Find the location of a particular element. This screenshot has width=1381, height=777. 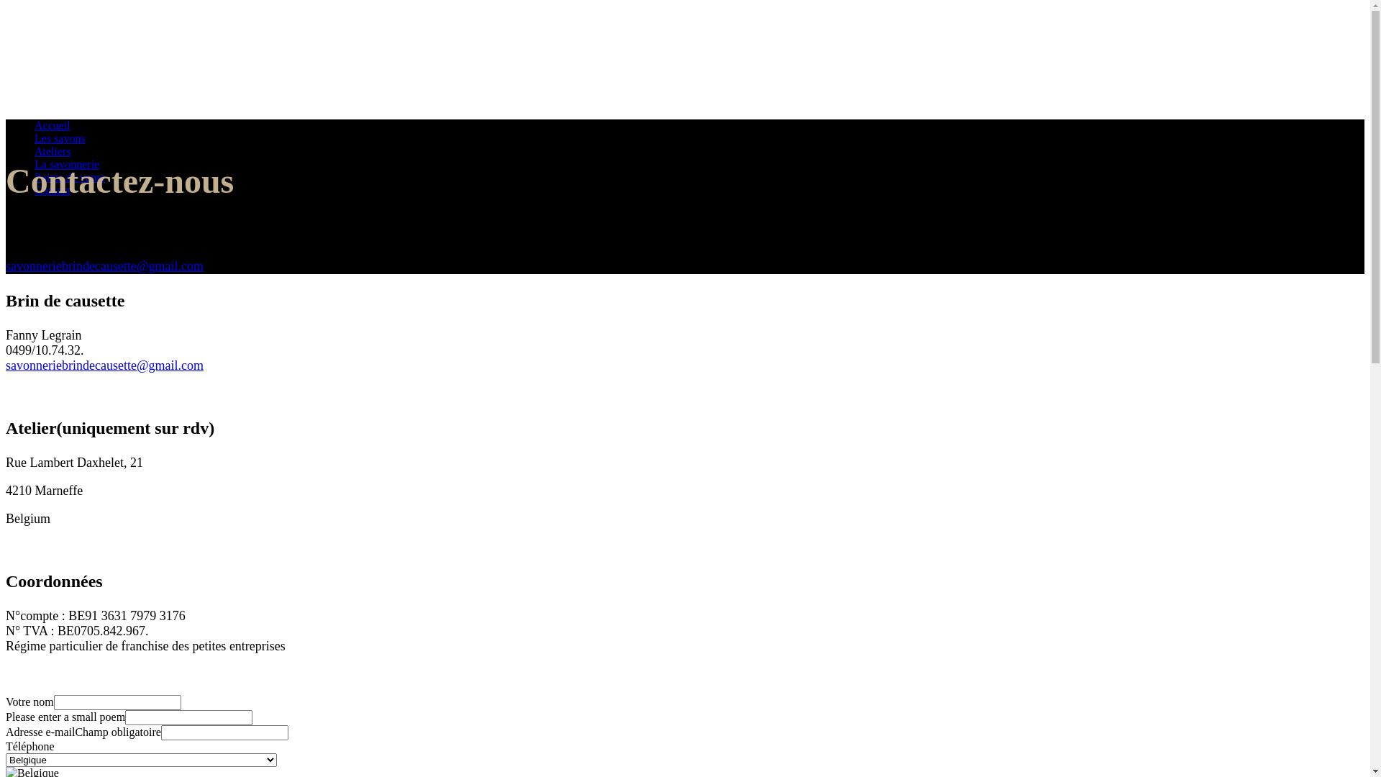

'savonneriebrindecausette@gmail.com' is located at coordinates (104, 266).